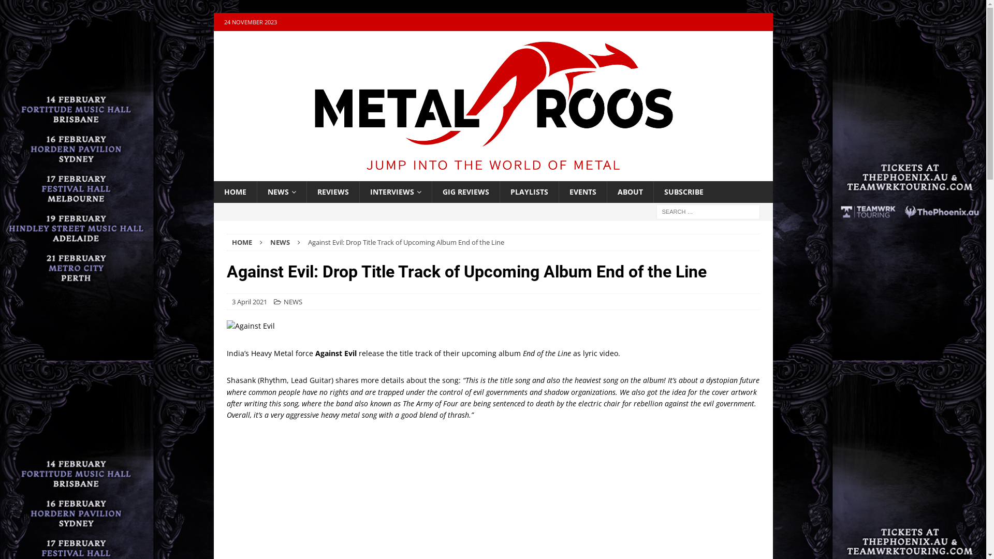 The height and width of the screenshot is (559, 994). Describe the element at coordinates (493, 325) in the screenshot. I see `'06 (Photo Credit - Into the Lens)'` at that location.